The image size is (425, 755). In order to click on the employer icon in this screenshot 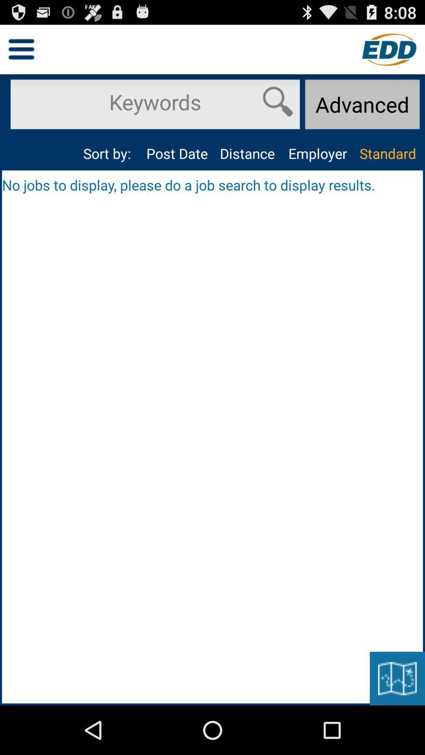, I will do `click(317, 153)`.